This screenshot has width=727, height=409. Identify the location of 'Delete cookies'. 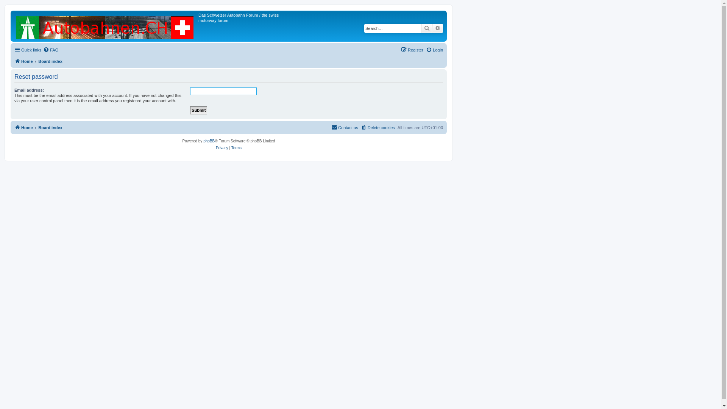
(378, 127).